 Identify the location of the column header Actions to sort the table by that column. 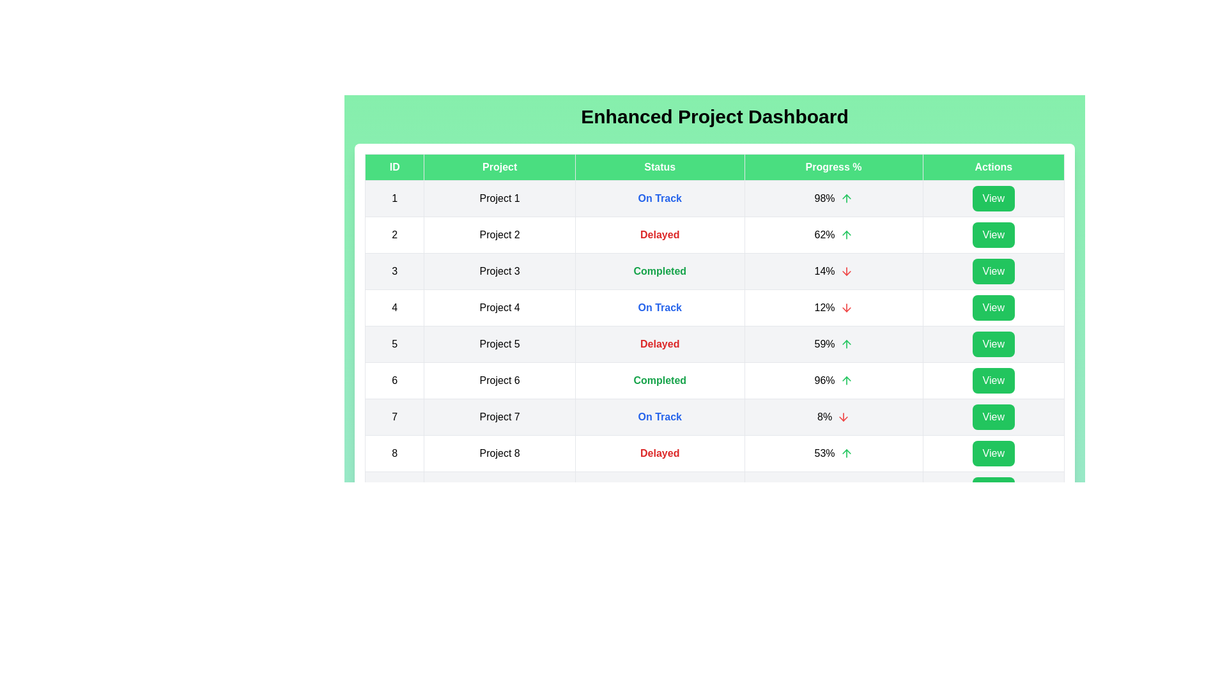
(992, 167).